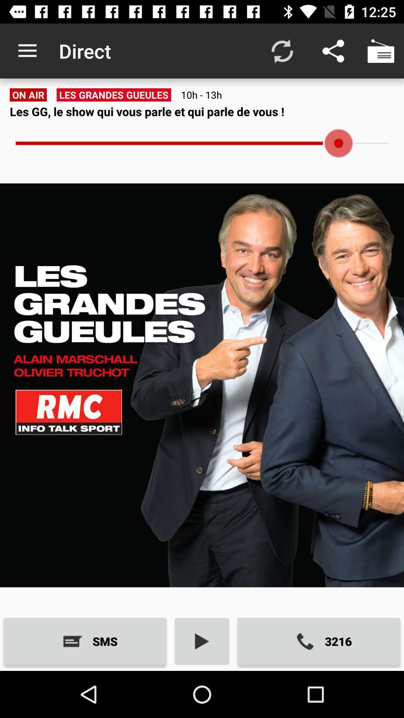  What do you see at coordinates (319, 641) in the screenshot?
I see `3216 icon` at bounding box center [319, 641].